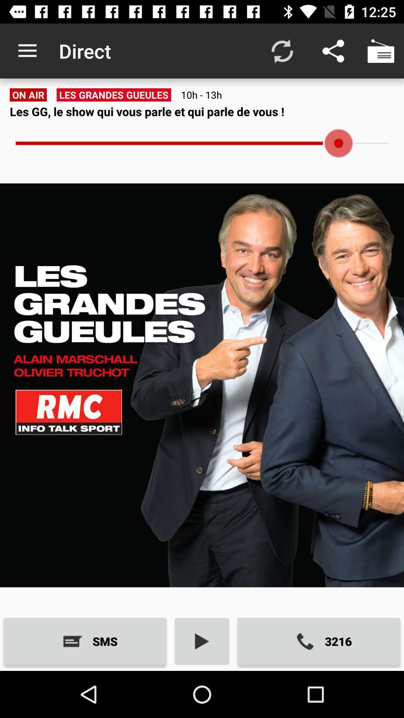  What do you see at coordinates (319, 641) in the screenshot?
I see `3216 icon` at bounding box center [319, 641].